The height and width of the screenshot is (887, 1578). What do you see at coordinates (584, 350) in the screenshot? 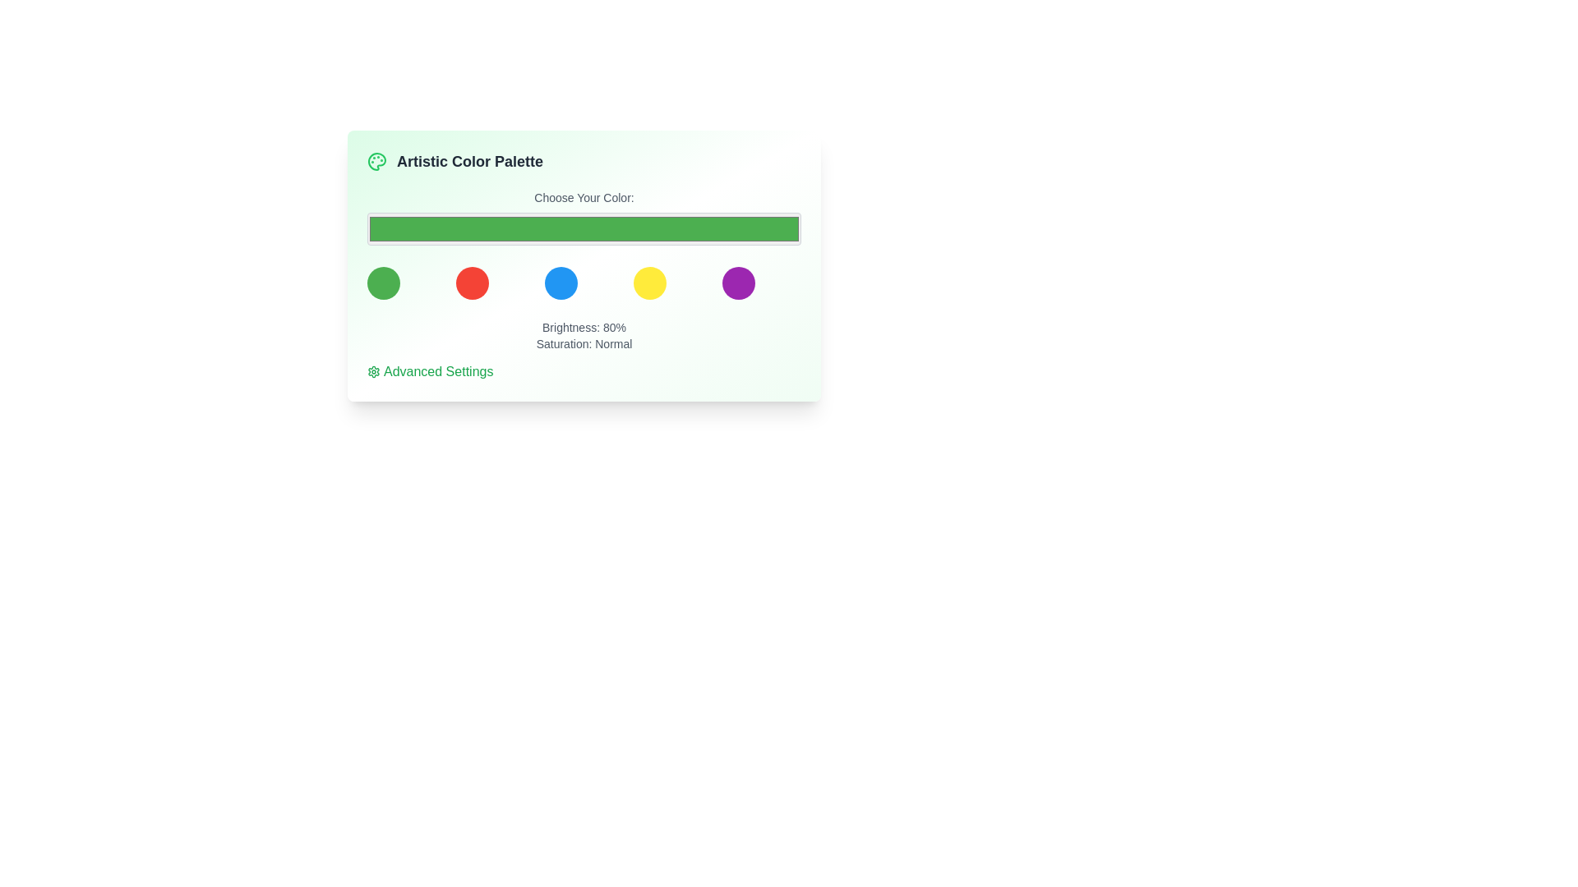
I see `the clickable link in the Information Display that shows current brightness and saturation settings` at bounding box center [584, 350].